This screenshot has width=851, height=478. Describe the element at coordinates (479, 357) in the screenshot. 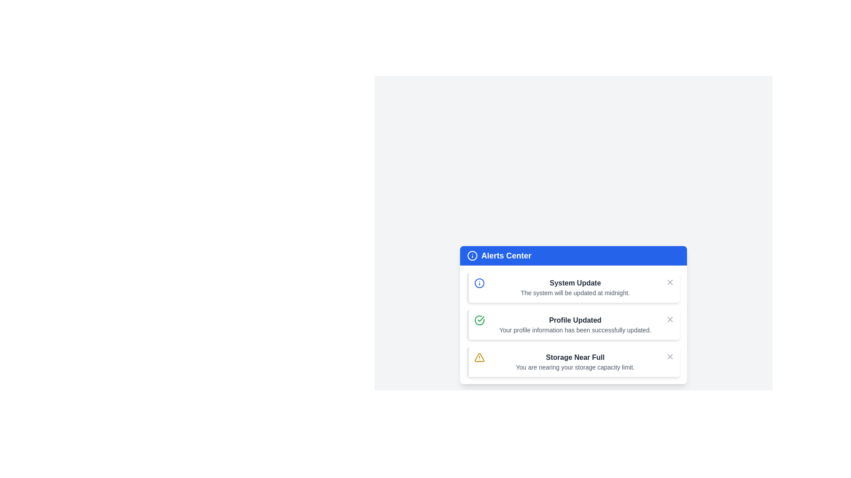

I see `the triangular warning icon with an exclamation mark inside it, located to the left of the text 'Storage Near Full' in the third notification card at the bottom of the 'Alerts Center'` at that location.